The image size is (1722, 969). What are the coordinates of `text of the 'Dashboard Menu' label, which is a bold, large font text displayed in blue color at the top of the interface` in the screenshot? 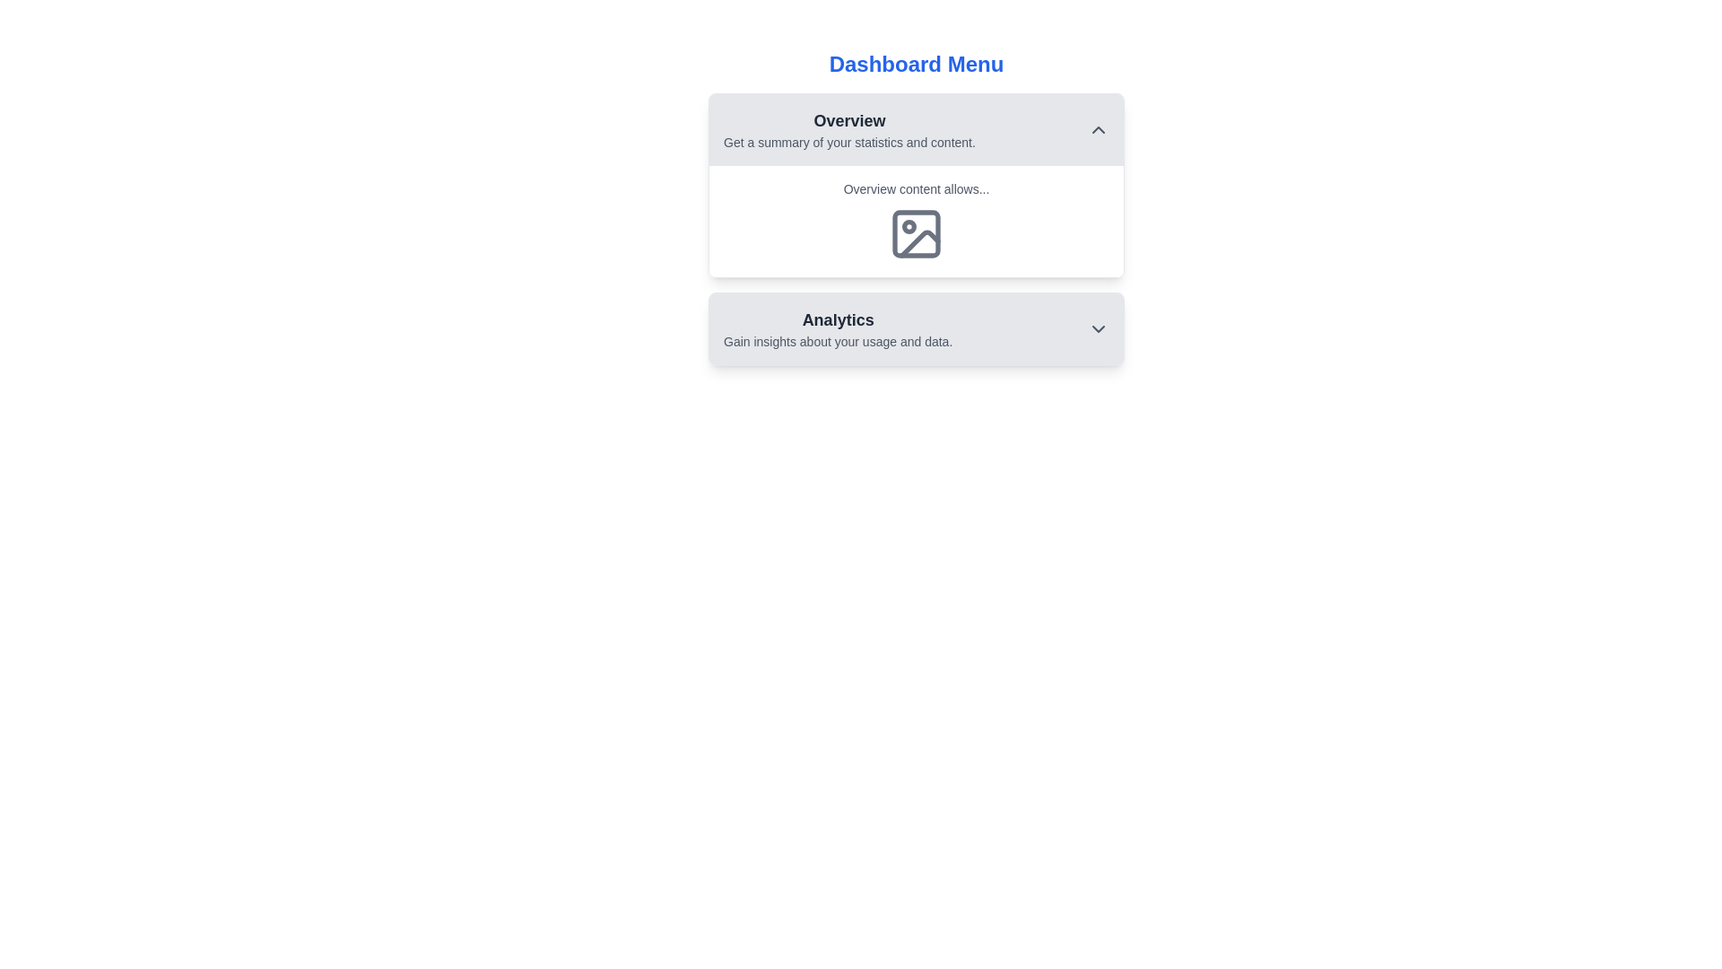 It's located at (917, 64).